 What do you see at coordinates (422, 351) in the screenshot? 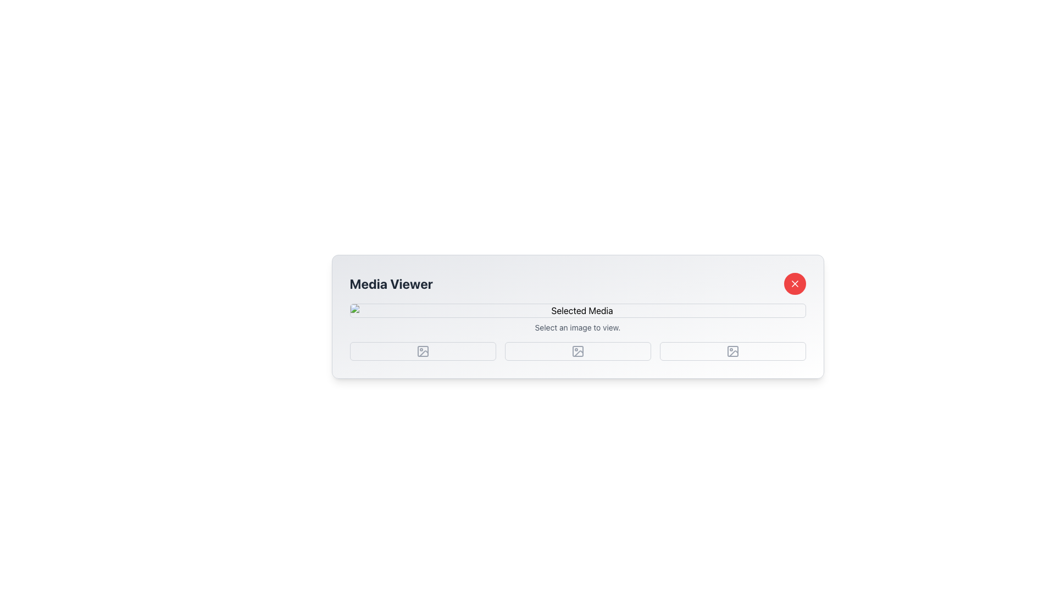
I see `details of the icon representing a specific state or action related to media management, located in the second slot of the four icons in the lower section of the 'Media Viewer' interface` at bounding box center [422, 351].